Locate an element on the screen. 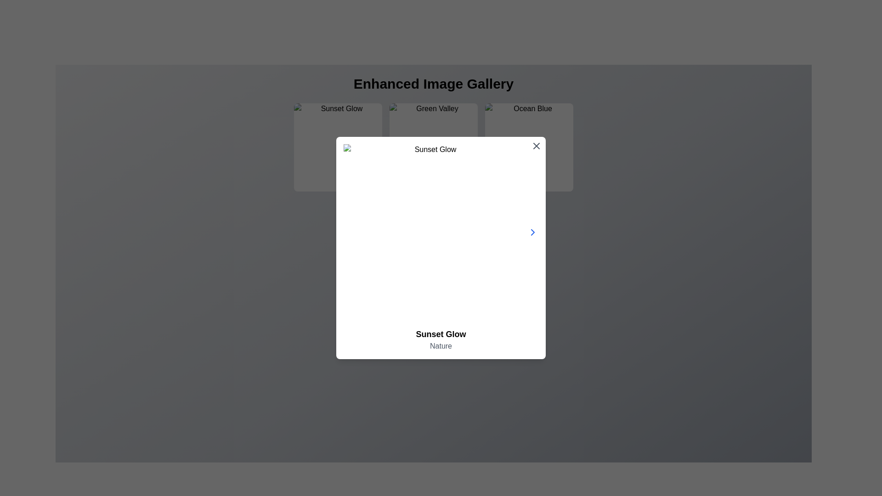 The image size is (882, 496). text label displaying 'Sunset Glow', which is a prominent title styled in bold and larger font, located at the bottom section of a white modal above the text 'Nature' is located at coordinates (441, 334).